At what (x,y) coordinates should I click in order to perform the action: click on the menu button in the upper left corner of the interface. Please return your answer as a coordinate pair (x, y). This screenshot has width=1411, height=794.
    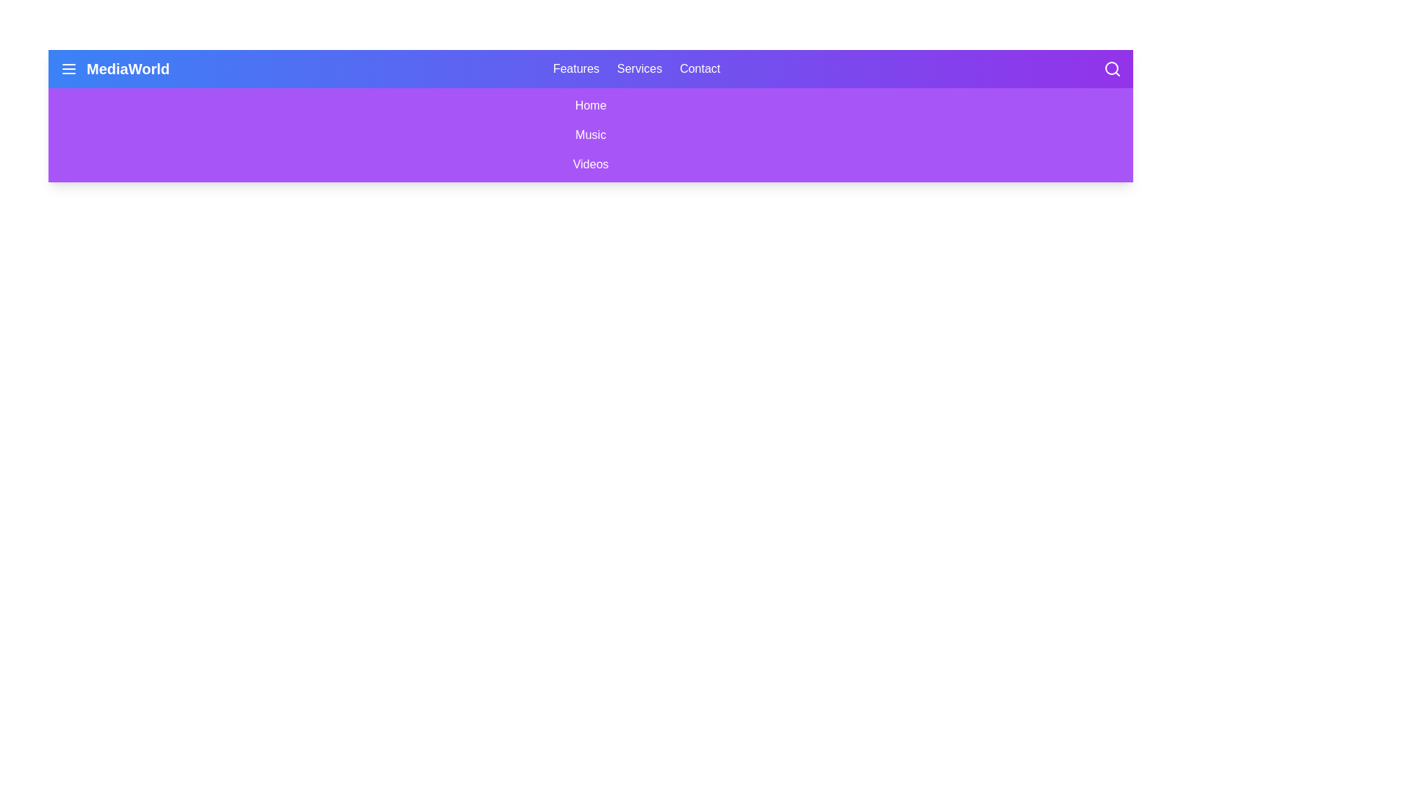
    Looking at the image, I should click on (68, 68).